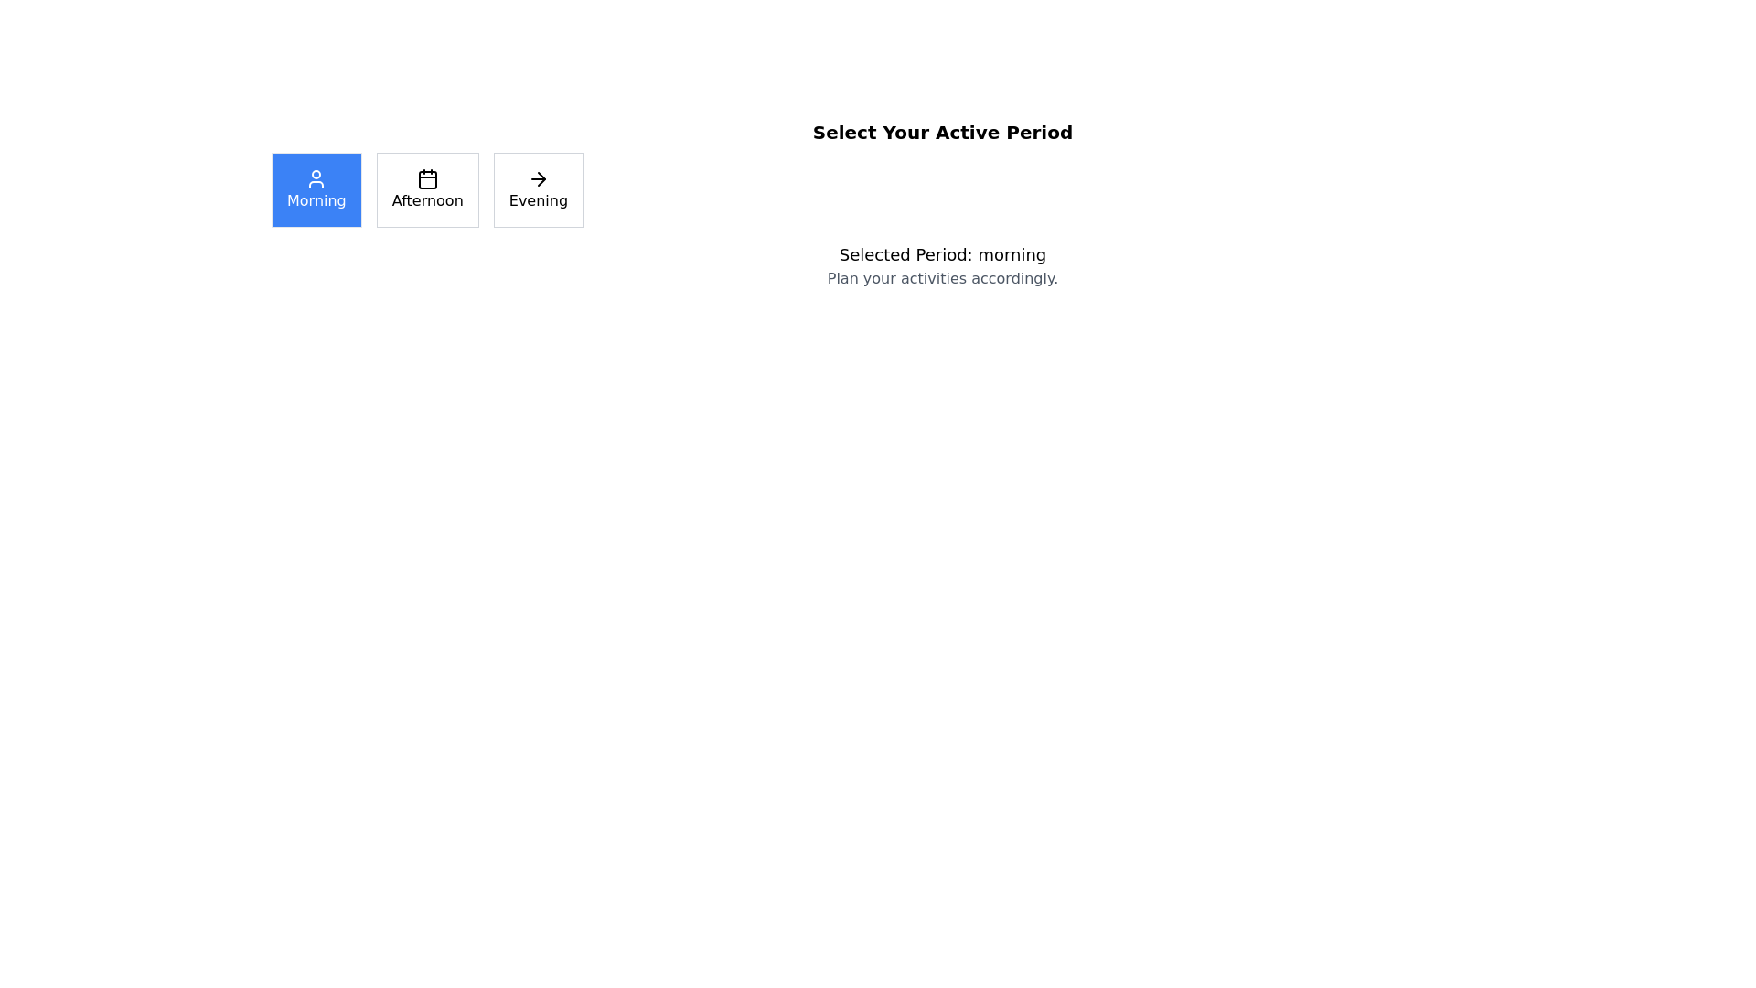  Describe the element at coordinates (537, 179) in the screenshot. I see `the 'Evening' option arrow icon located at the top-center of the third selection card` at that location.